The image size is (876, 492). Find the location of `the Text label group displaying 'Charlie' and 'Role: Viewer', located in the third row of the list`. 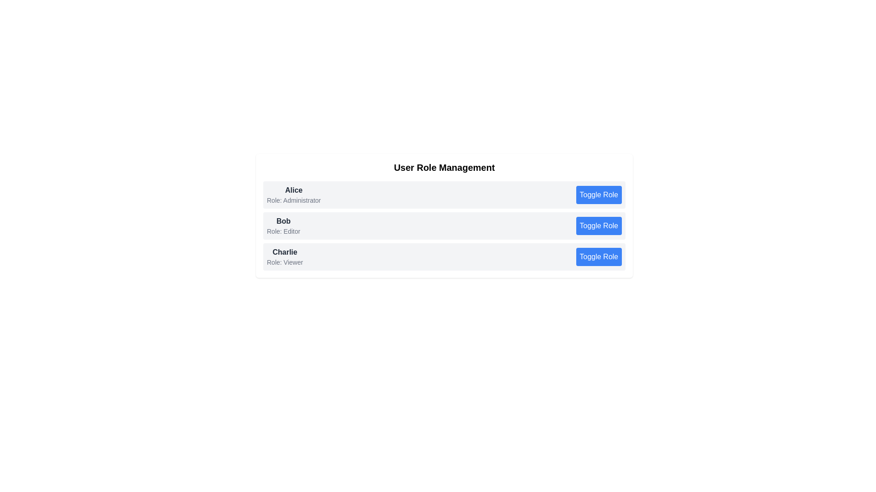

the Text label group displaying 'Charlie' and 'Role: Viewer', located in the third row of the list is located at coordinates (284, 256).